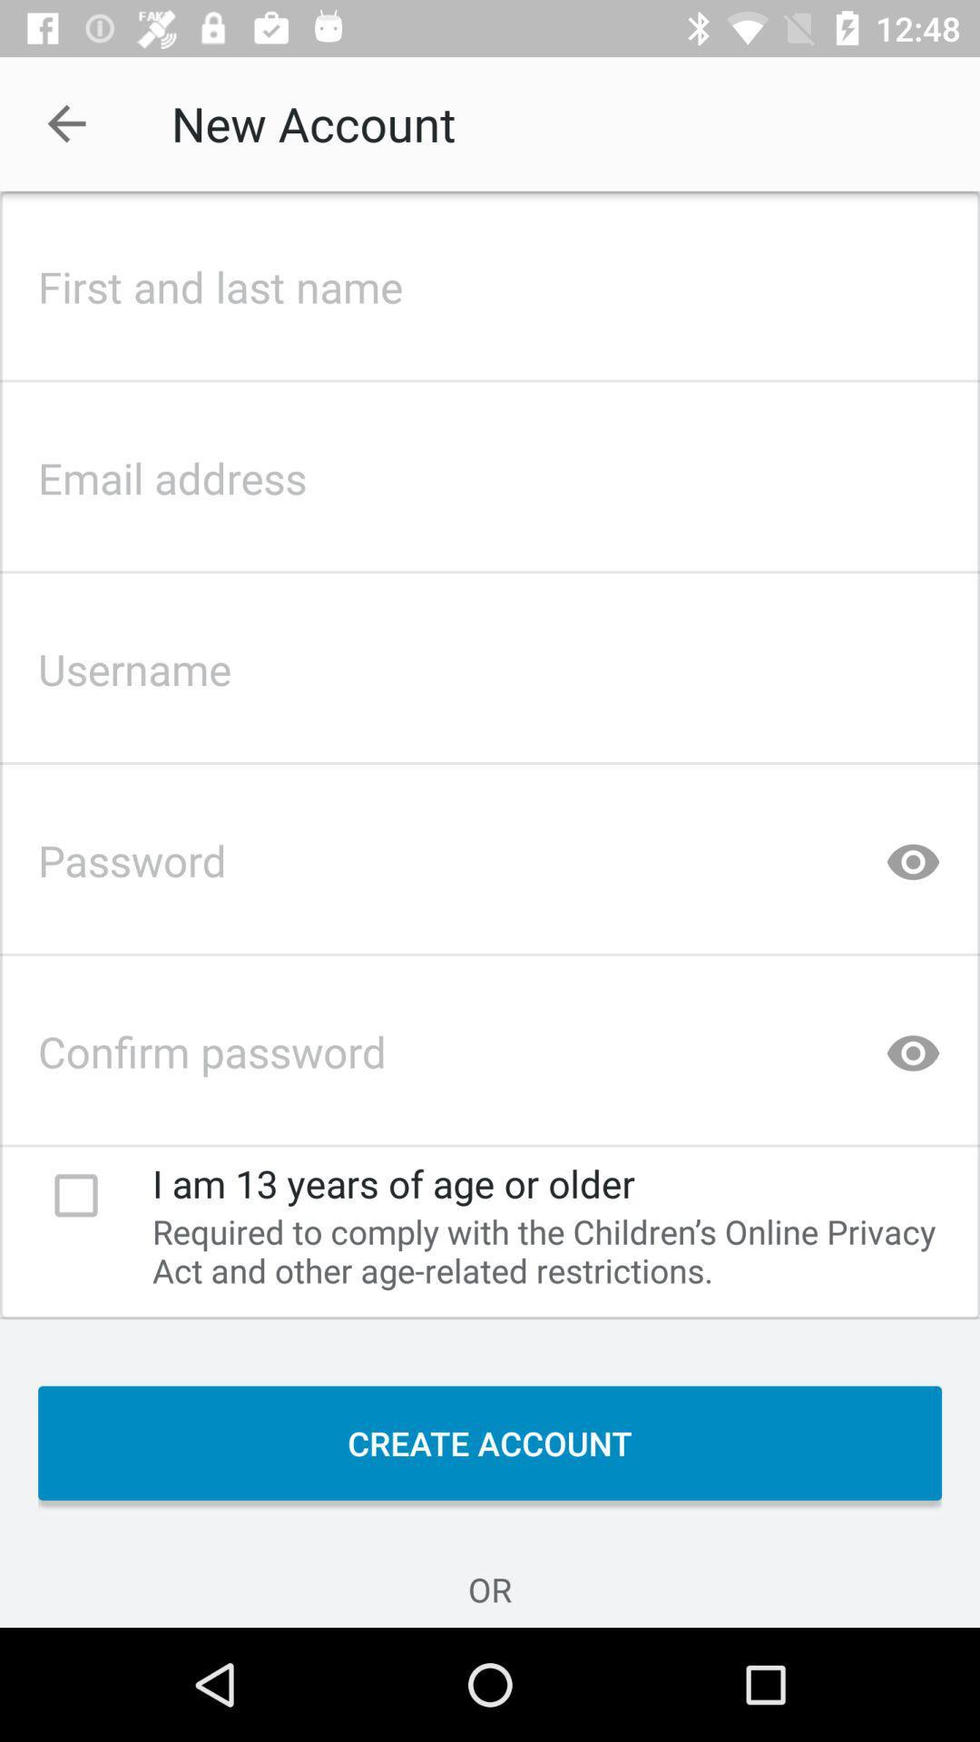 This screenshot has width=980, height=1742. What do you see at coordinates (75, 1195) in the screenshot?
I see `icon to the left of i am 13 icon` at bounding box center [75, 1195].